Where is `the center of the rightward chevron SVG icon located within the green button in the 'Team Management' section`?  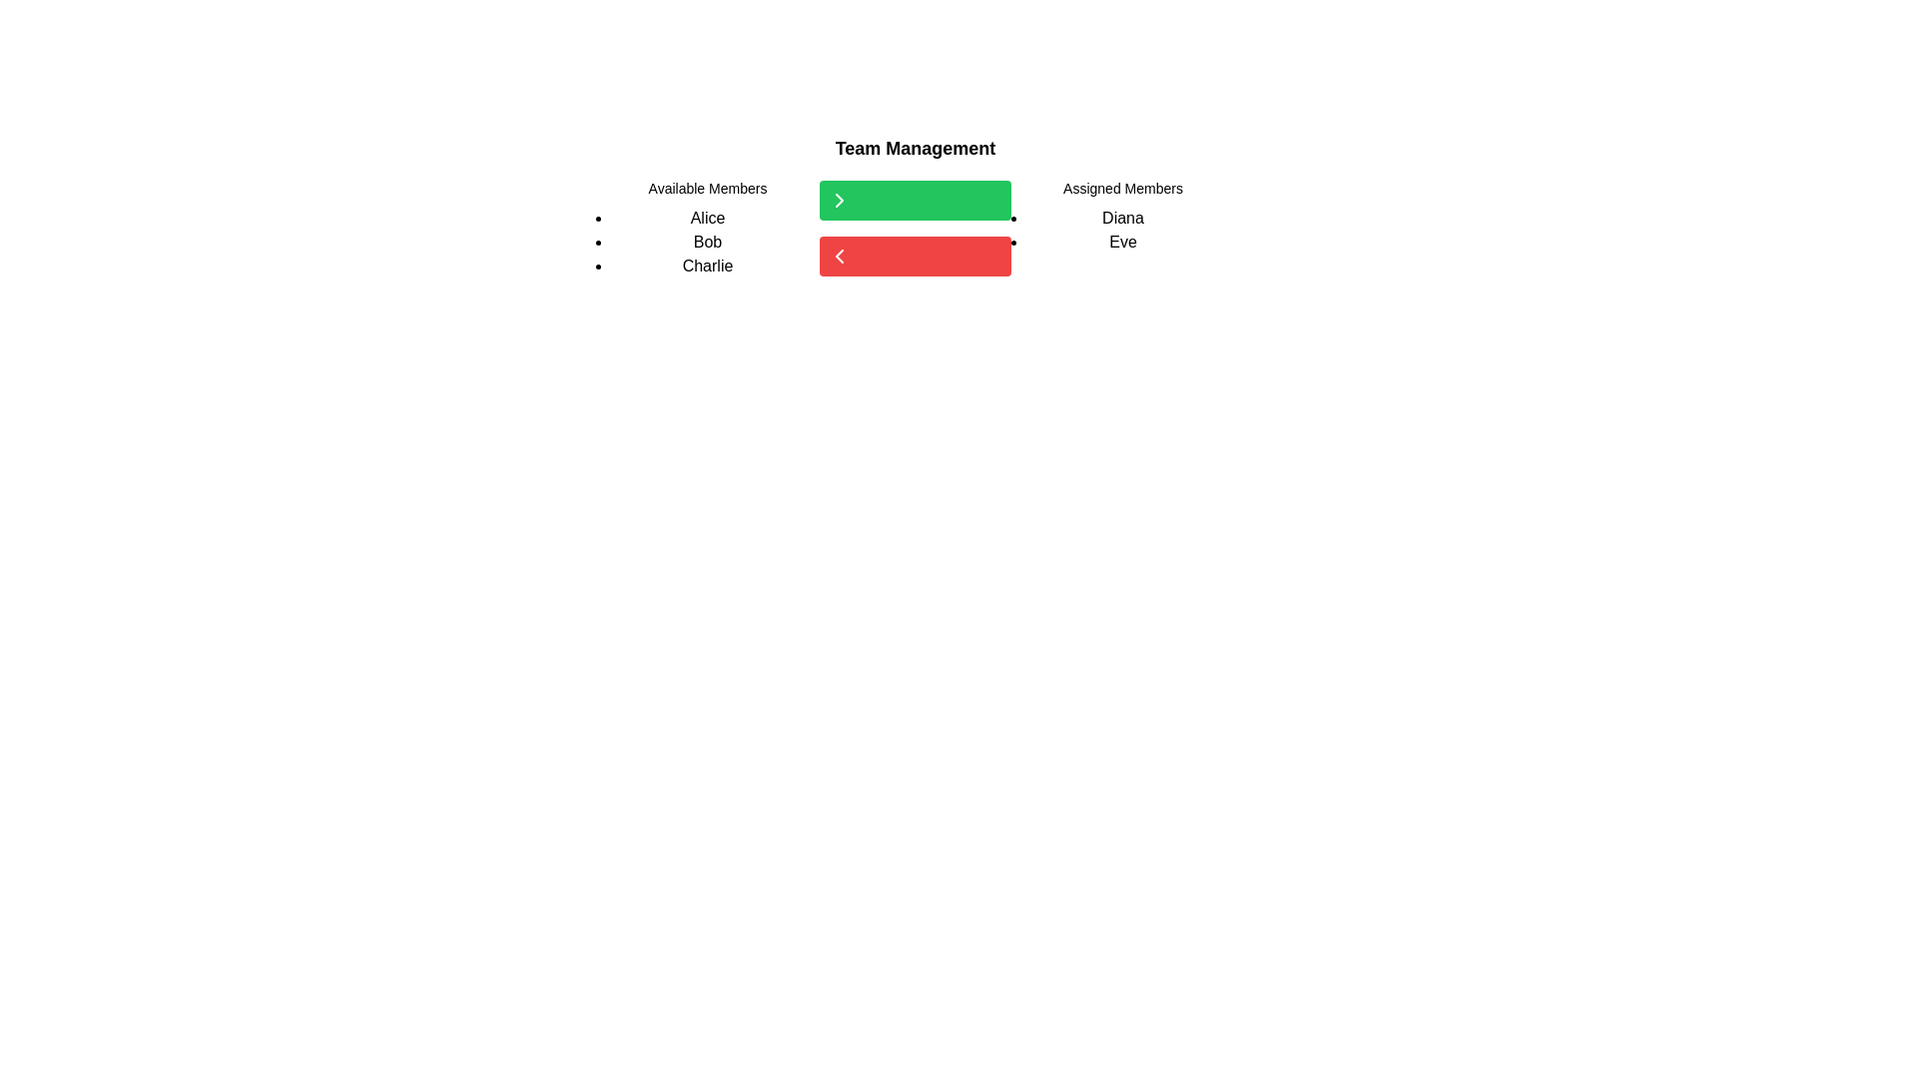 the center of the rightward chevron SVG icon located within the green button in the 'Team Management' section is located at coordinates (839, 200).